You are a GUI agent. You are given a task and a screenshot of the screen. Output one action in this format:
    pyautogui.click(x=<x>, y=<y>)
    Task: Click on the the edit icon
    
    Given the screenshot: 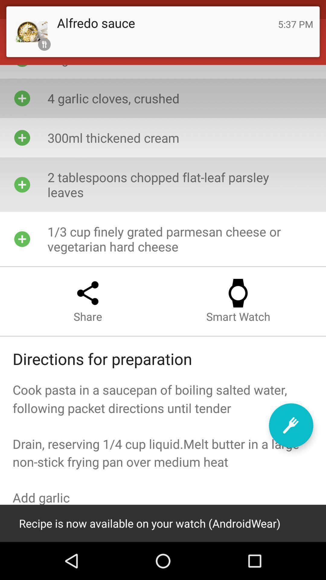 What is the action you would take?
    pyautogui.click(x=291, y=425)
    